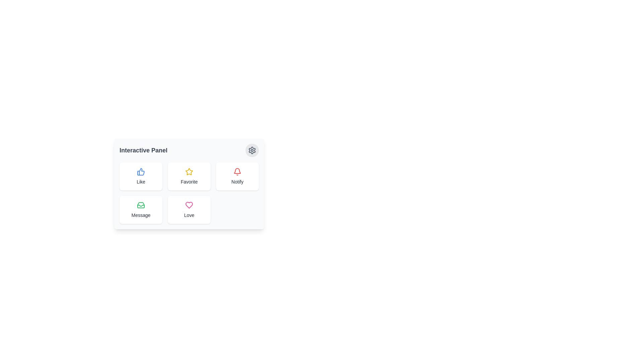  Describe the element at coordinates (141, 171) in the screenshot. I see `the 'Like' icon button located in the top-left corner of the 'Interactive Panel' section` at that location.